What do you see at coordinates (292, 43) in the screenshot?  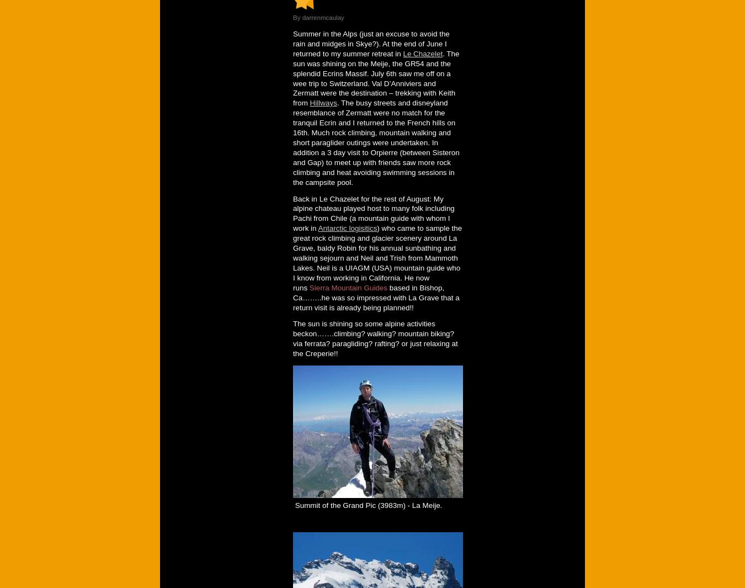 I see `'Summer in the Alps (just an excuse to avoid the rain and midges in Skye?). At the end of June I returned to my summer retreat in'` at bounding box center [292, 43].